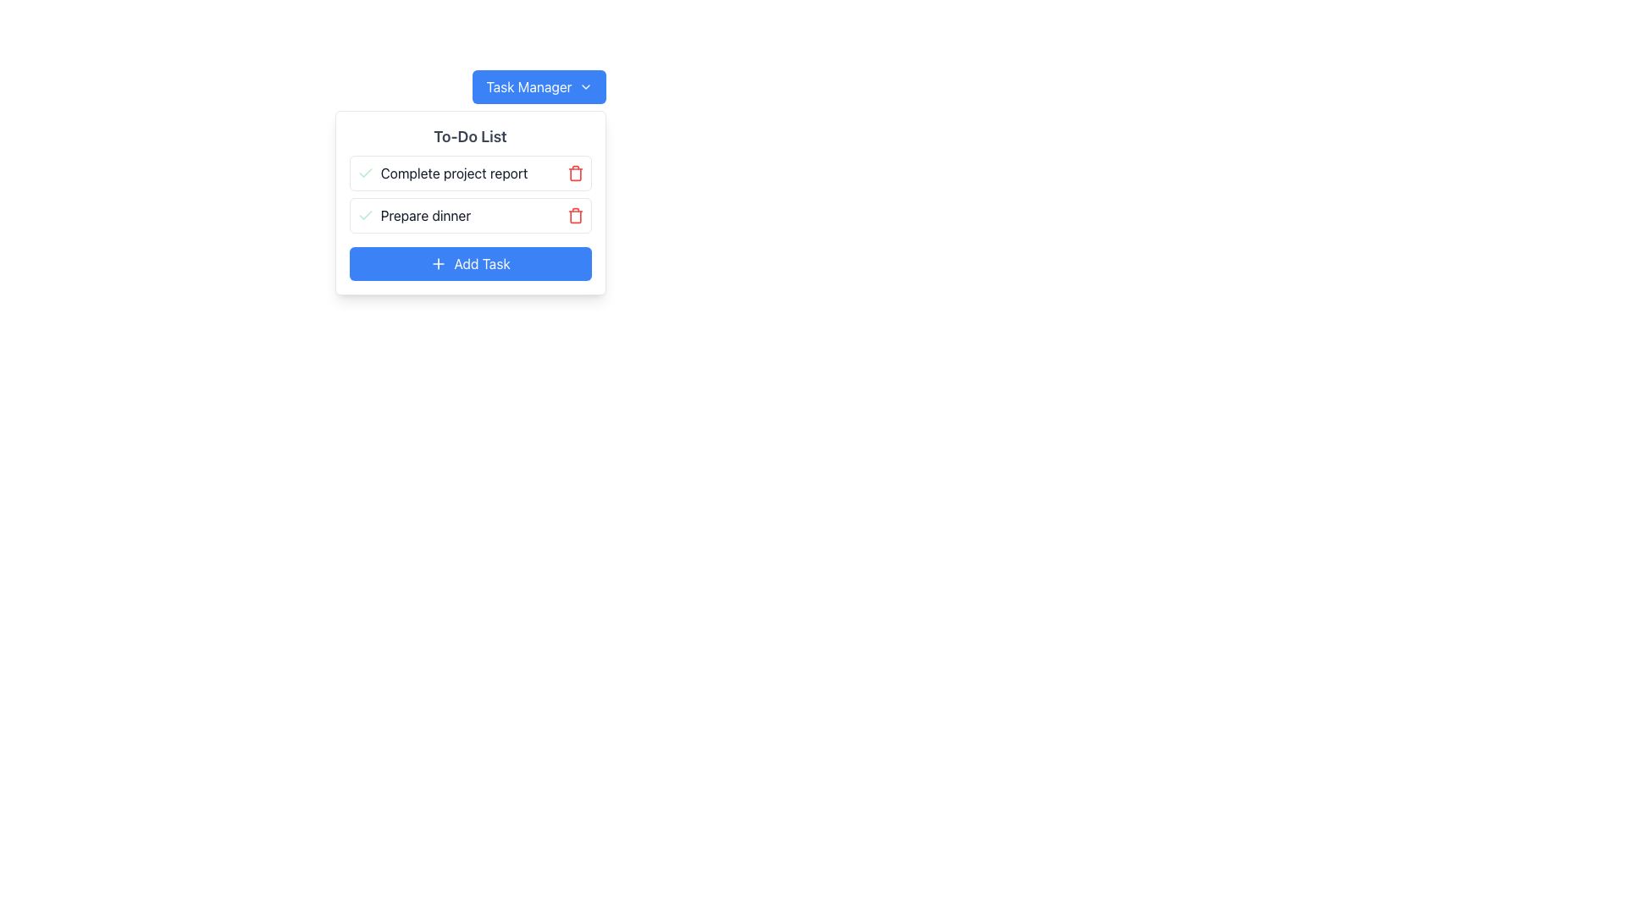 Image resolution: width=1626 pixels, height=914 pixels. Describe the element at coordinates (470, 173) in the screenshot. I see `the first List Item in the 'To-Do List' section, which contains a green checkmark and the text 'Complete project report'` at that location.